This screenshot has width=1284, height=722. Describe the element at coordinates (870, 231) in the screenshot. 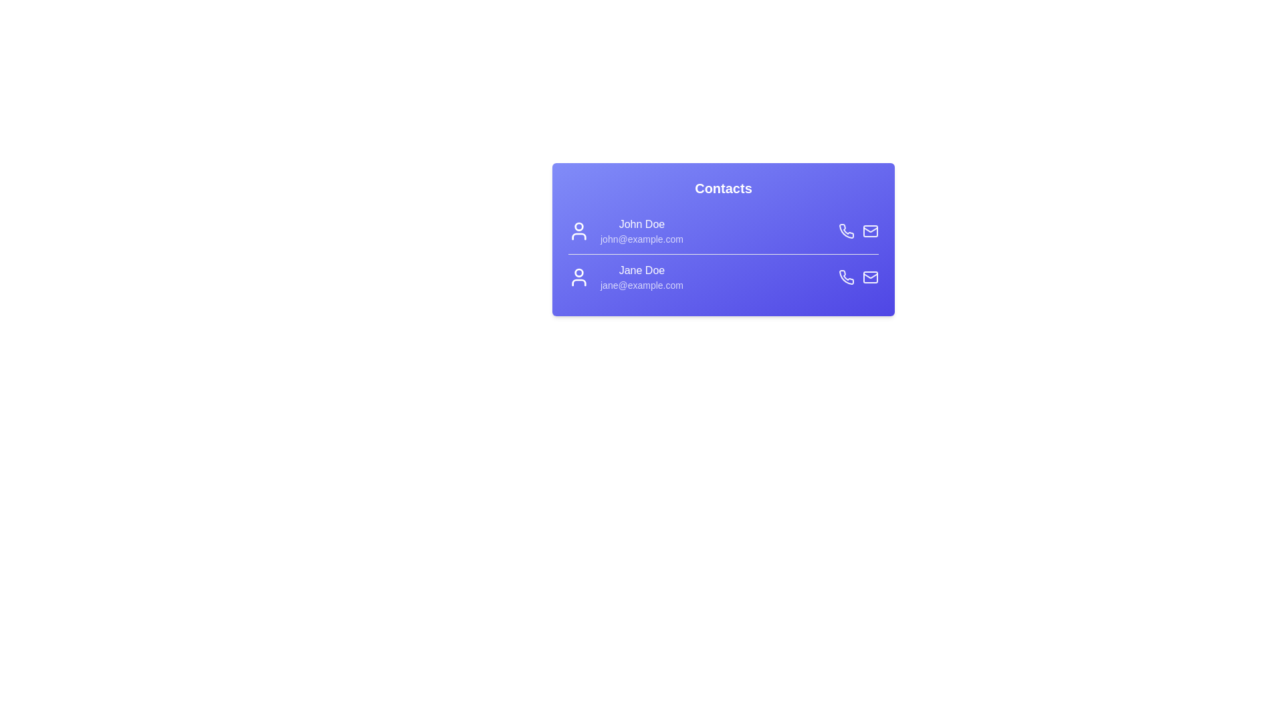

I see `the mail icon for John Doe to email them` at that location.